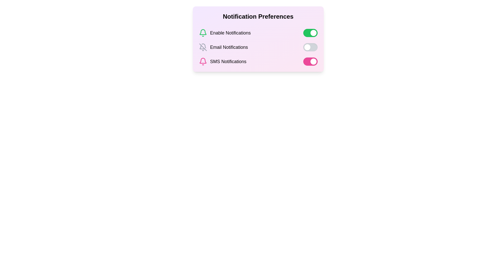 The image size is (491, 276). Describe the element at coordinates (203, 33) in the screenshot. I see `the visual state of the green bell-shaped icon located to the left of the 'Enable Notifications' text in the notification preferences section` at that location.